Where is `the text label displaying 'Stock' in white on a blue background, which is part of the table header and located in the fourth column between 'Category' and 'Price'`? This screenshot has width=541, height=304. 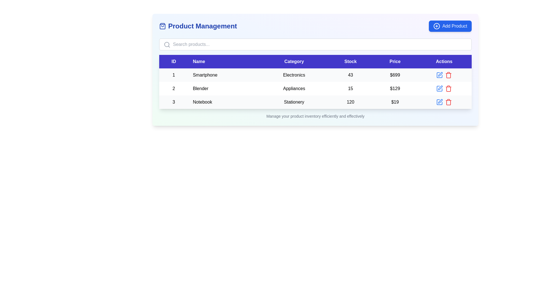 the text label displaying 'Stock' in white on a blue background, which is part of the table header and located in the fourth column between 'Category' and 'Price' is located at coordinates (350, 62).